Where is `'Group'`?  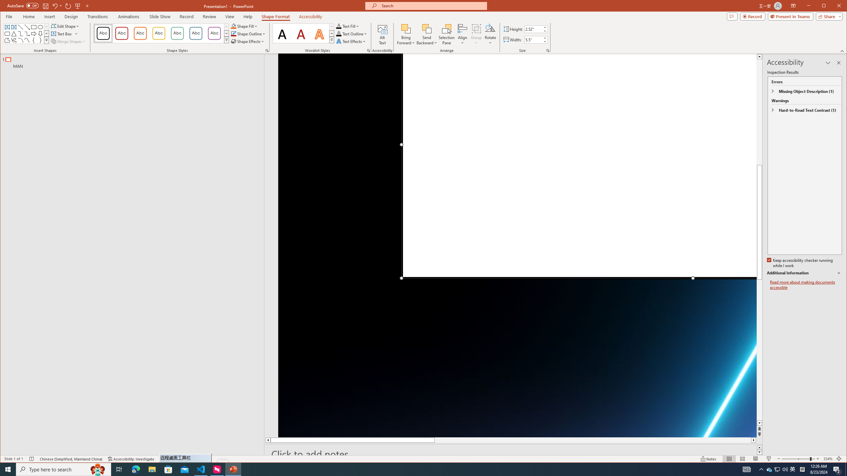
'Group' is located at coordinates (476, 34).